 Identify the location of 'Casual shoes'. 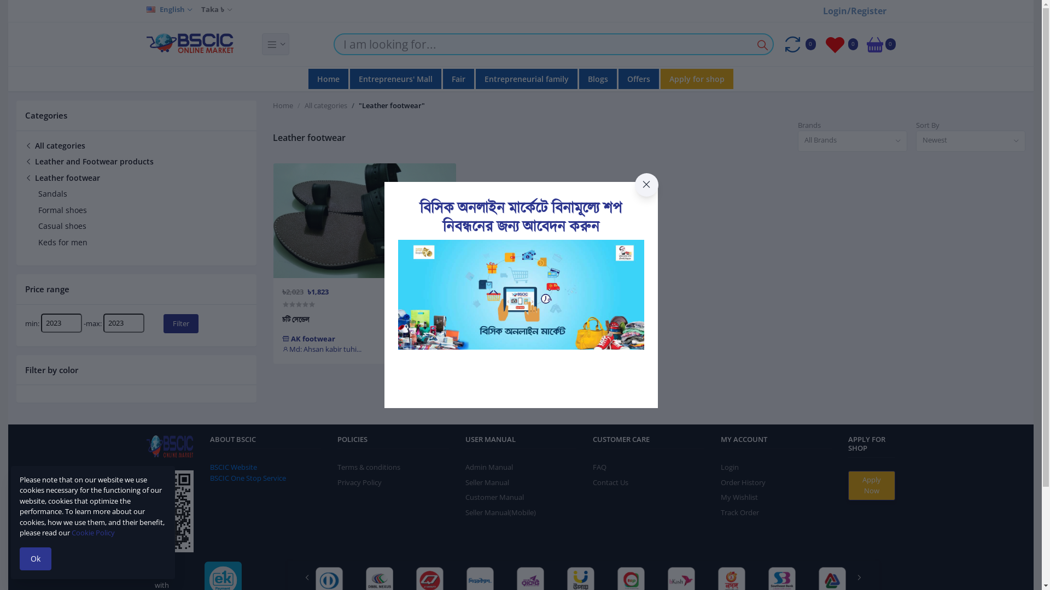
(62, 225).